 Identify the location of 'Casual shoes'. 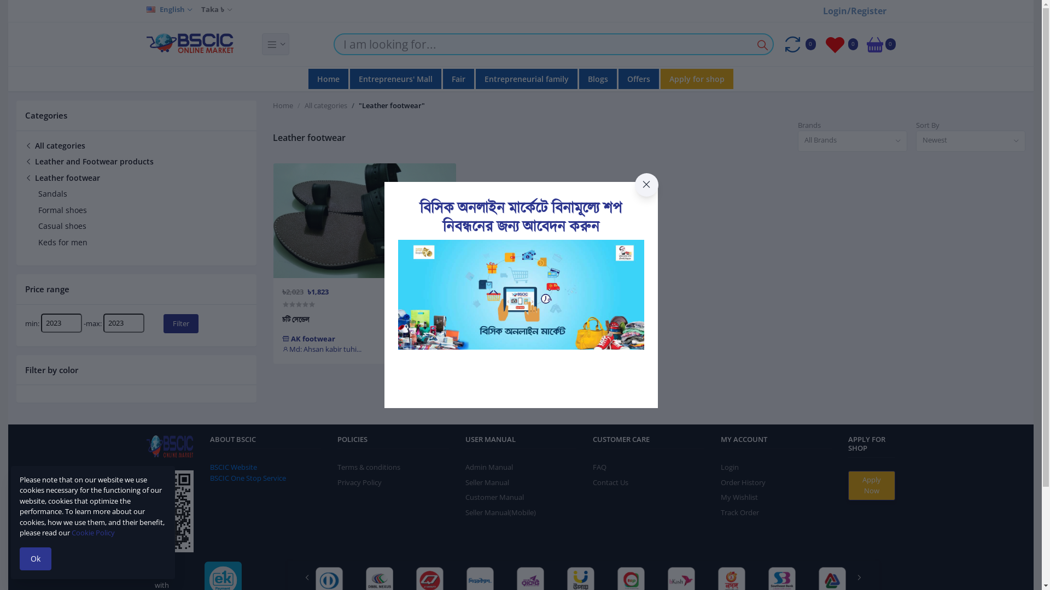
(62, 225).